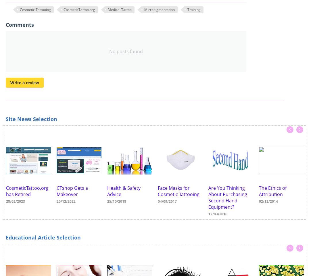 Image resolution: width=315 pixels, height=276 pixels. Describe the element at coordinates (72, 191) in the screenshot. I see `'CTshop Gets a Makeover'` at that location.